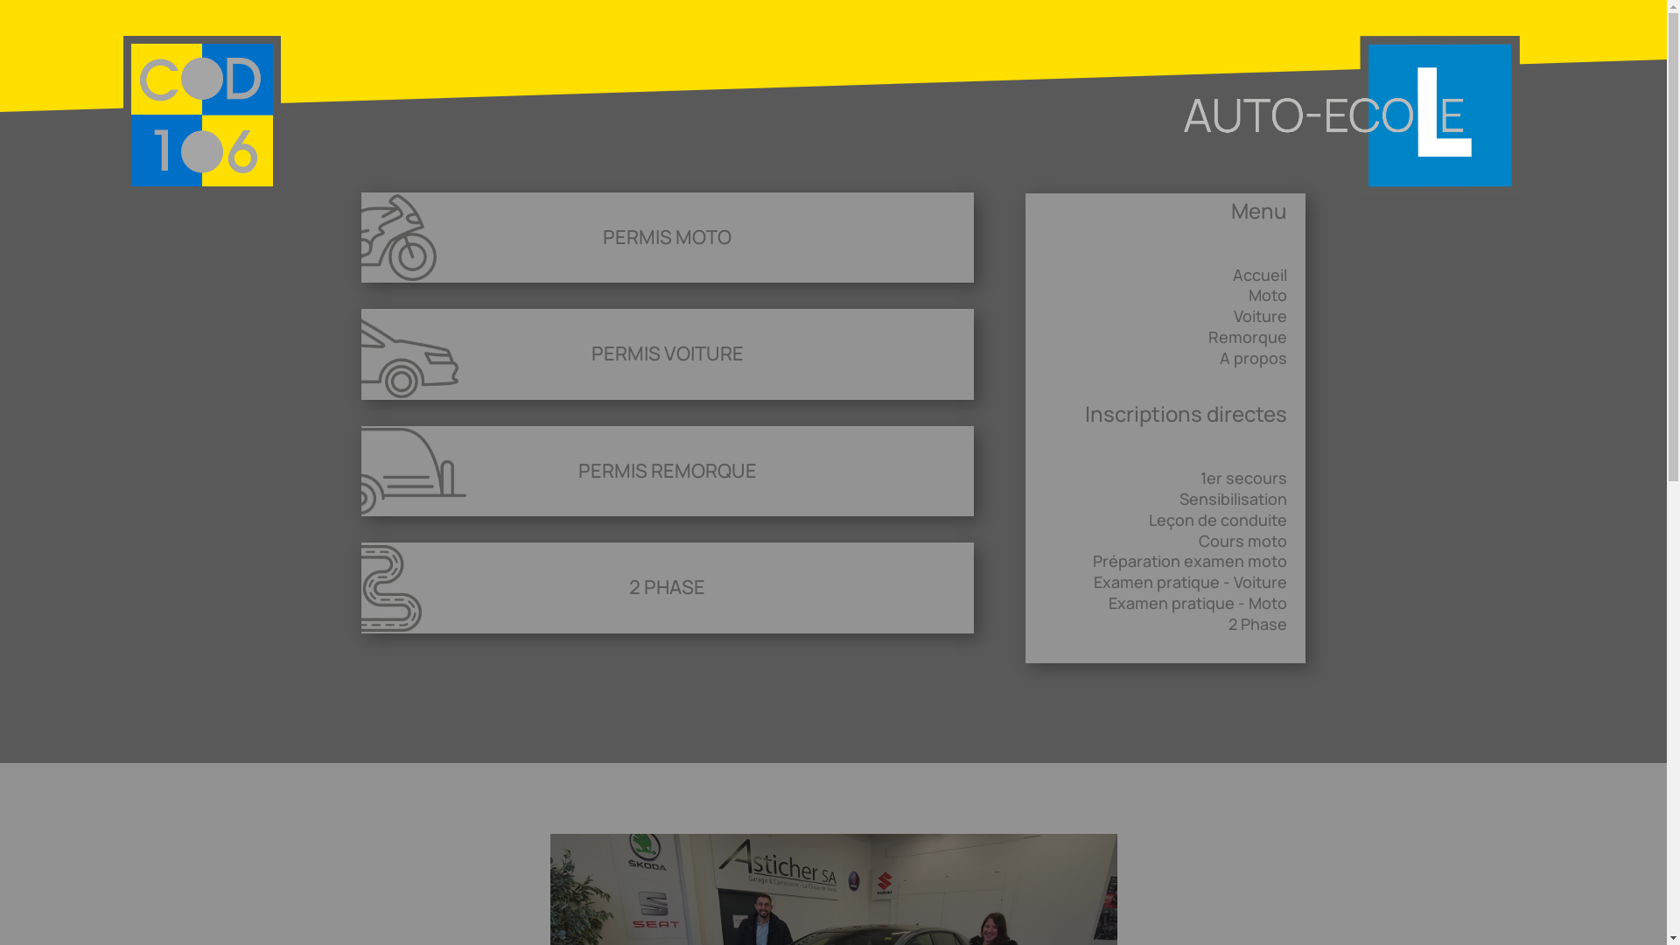 Image resolution: width=1680 pixels, height=945 pixels. I want to click on 'Voiture', so click(1260, 316).